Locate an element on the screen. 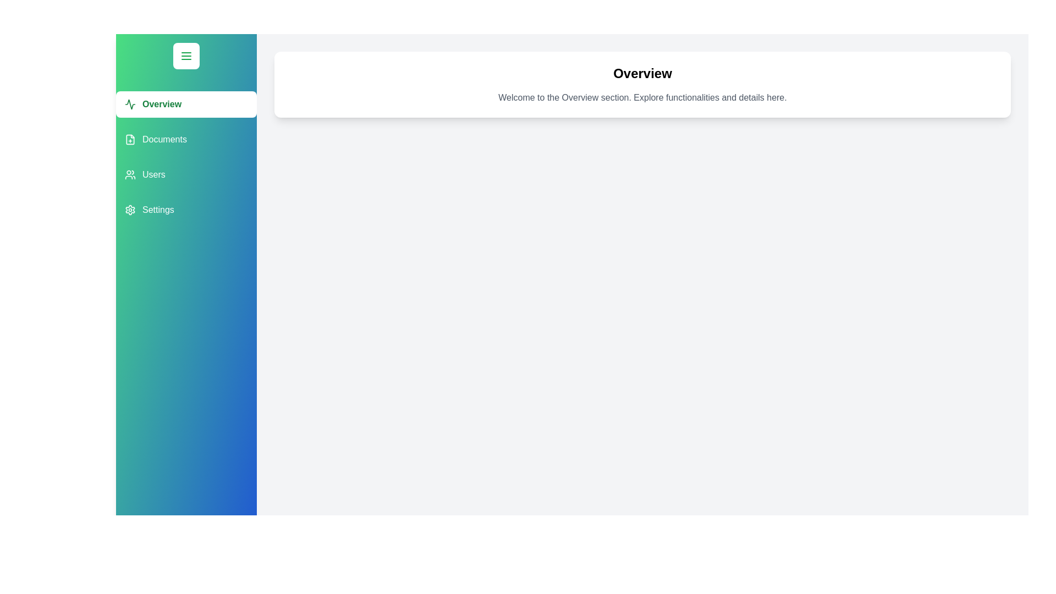  the section Settings in the drawer to navigate to it is located at coordinates (186, 210).